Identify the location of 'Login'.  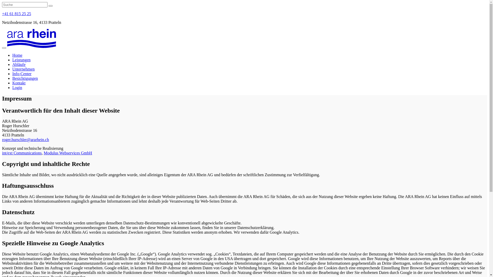
(17, 87).